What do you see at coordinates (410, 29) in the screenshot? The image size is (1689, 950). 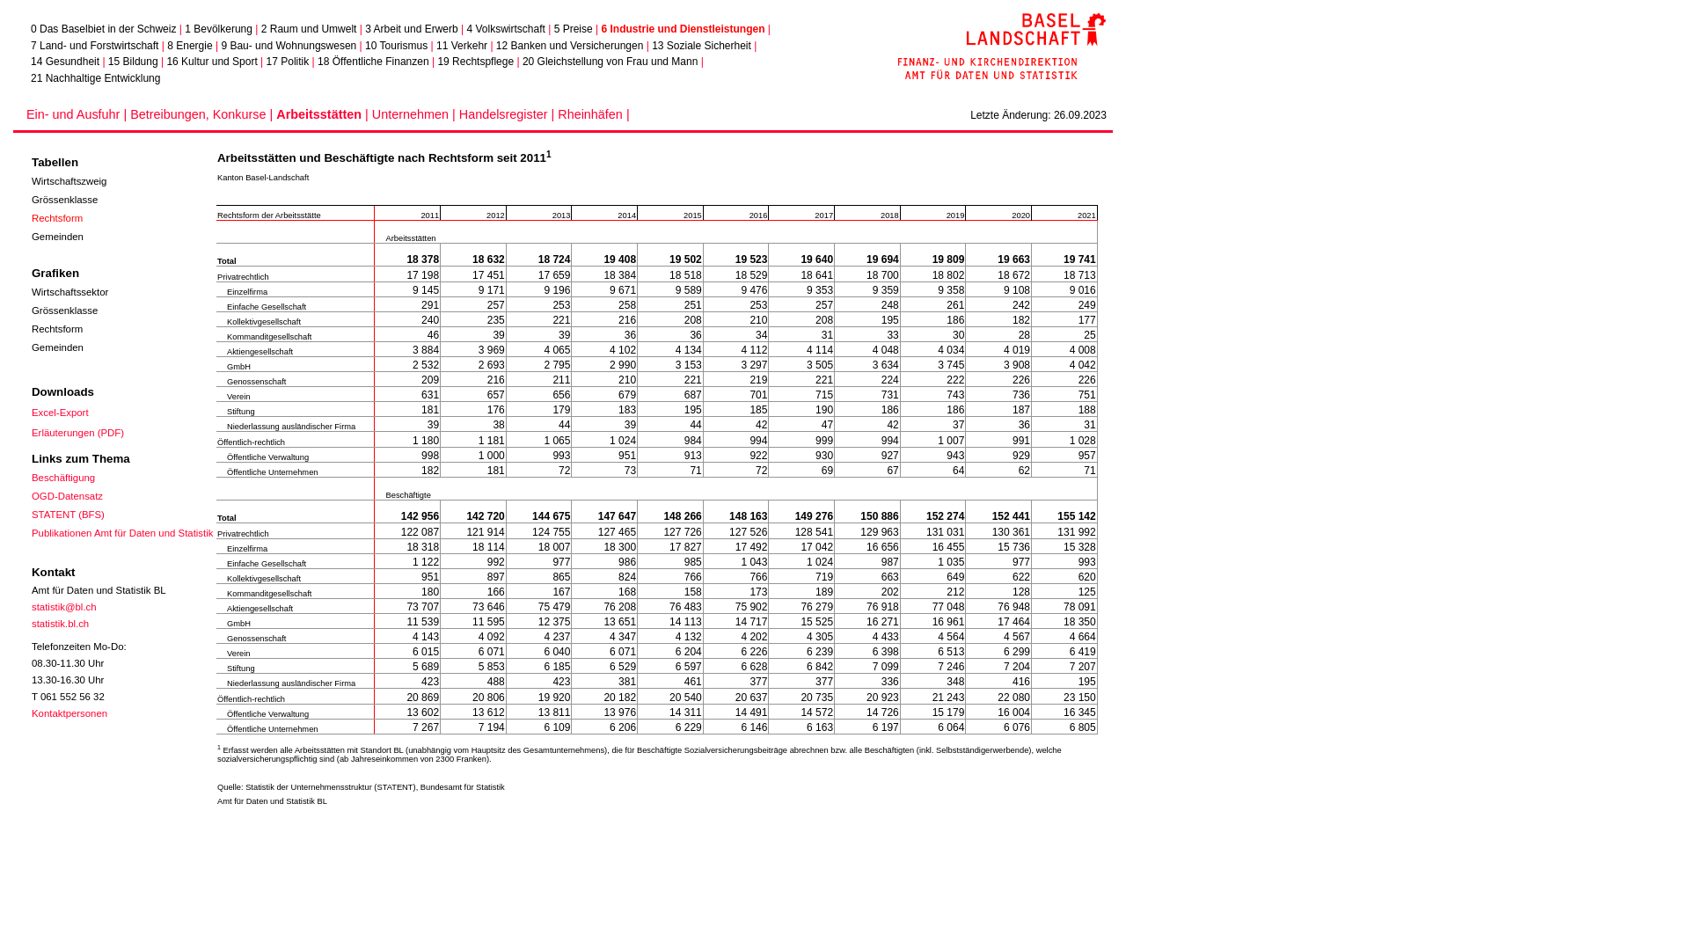 I see `'3 Arbeit und Erwerb'` at bounding box center [410, 29].